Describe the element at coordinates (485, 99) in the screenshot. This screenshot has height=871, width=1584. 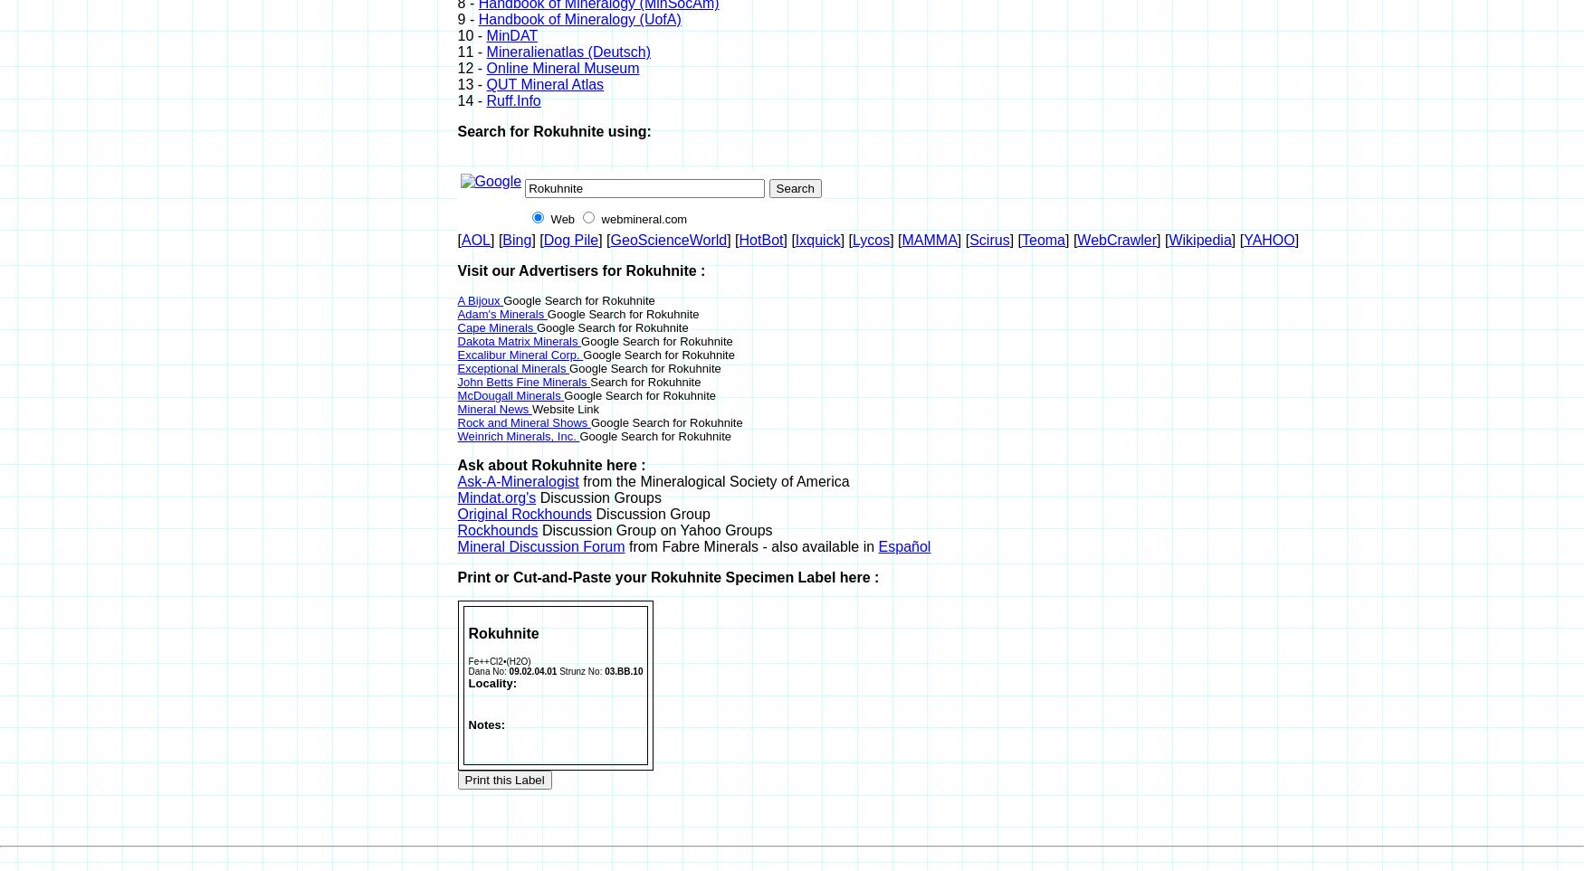
I see `'Ruff.Info'` at that location.